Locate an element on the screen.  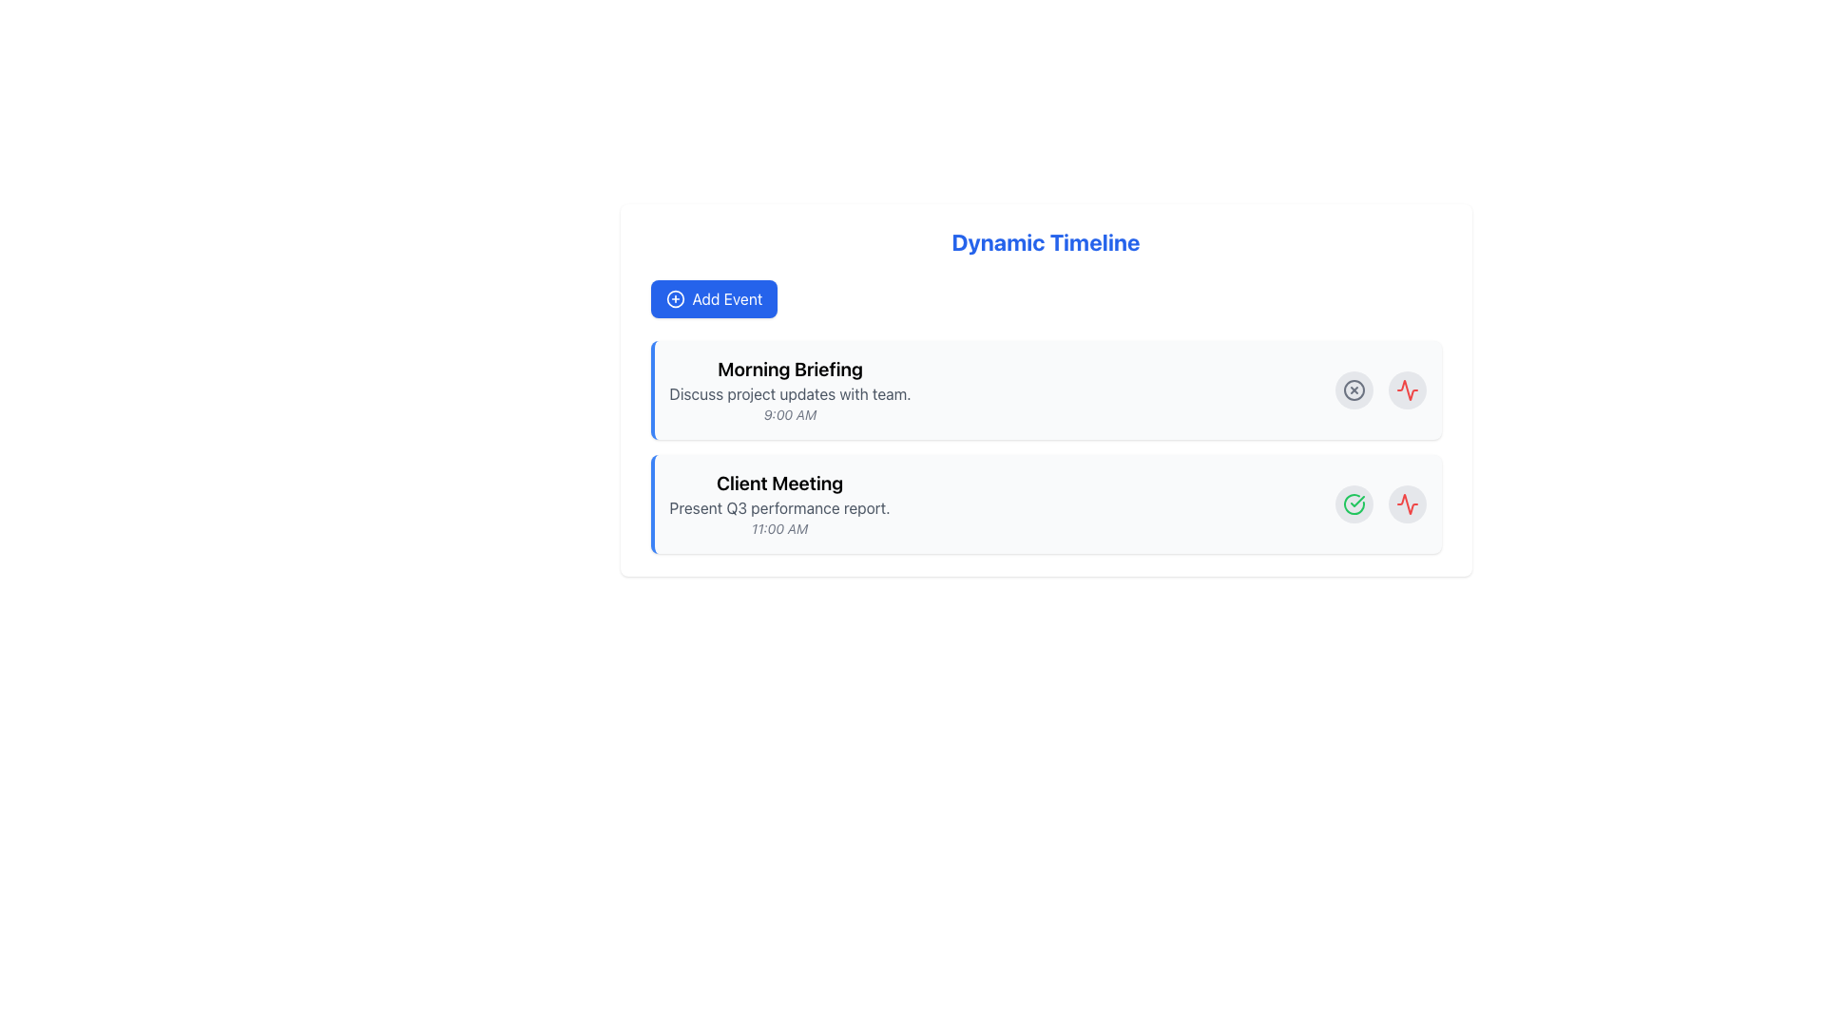
the red activity graph icon inside the circular button in the action area of the 'Client Meeting' event row is located at coordinates (1407, 389).